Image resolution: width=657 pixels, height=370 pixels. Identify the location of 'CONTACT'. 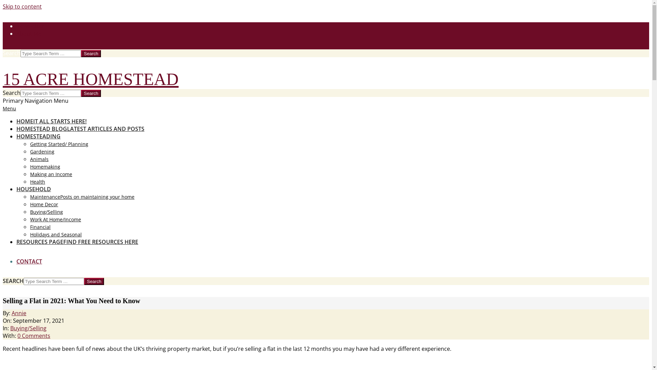
(29, 261).